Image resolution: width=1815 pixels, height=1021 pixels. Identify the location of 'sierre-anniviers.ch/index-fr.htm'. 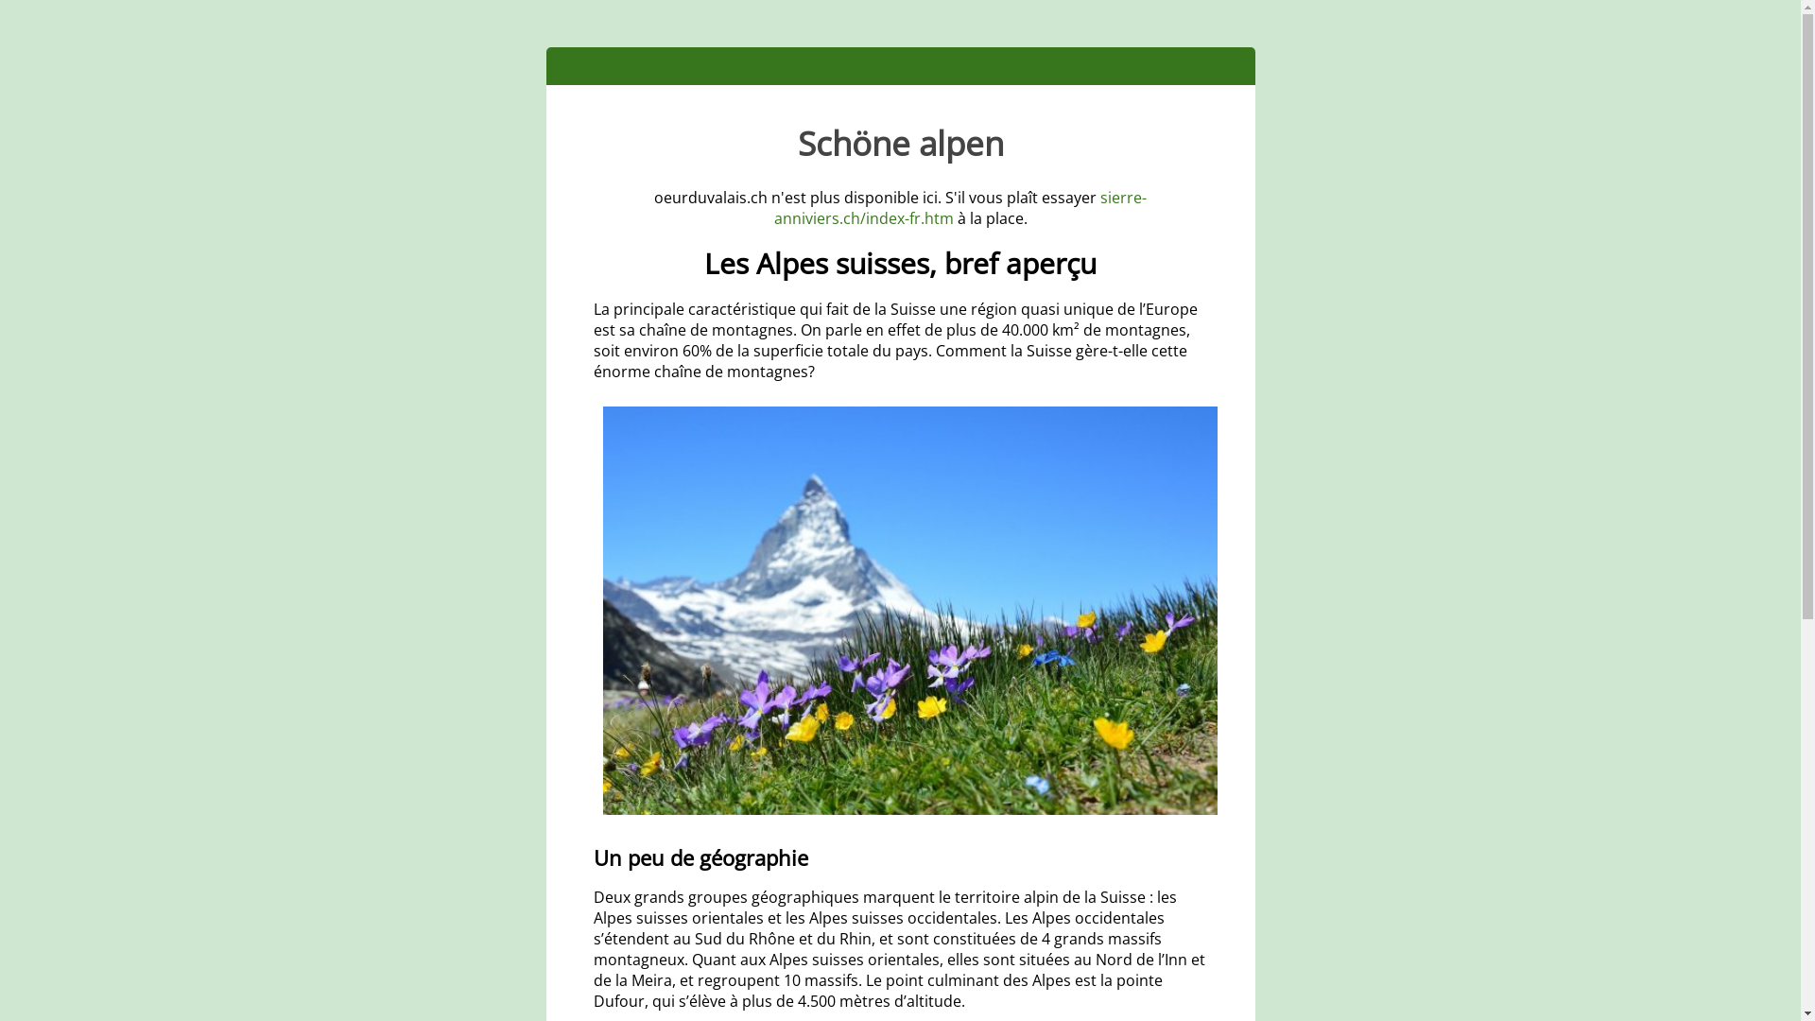
(959, 207).